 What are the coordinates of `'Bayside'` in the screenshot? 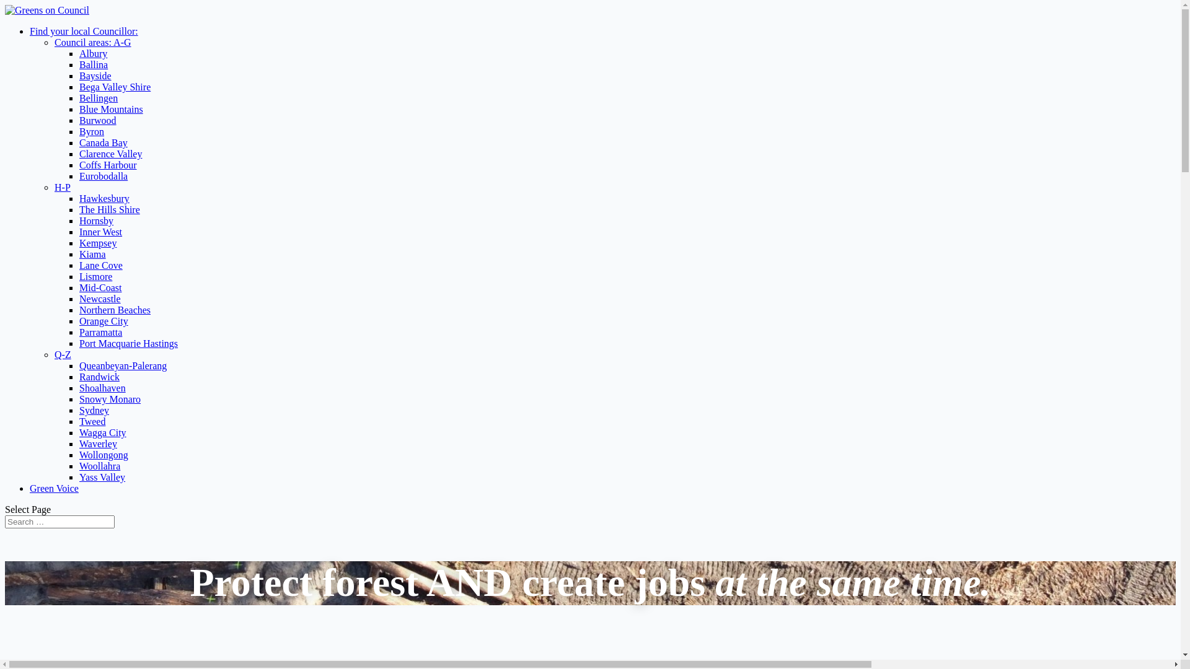 It's located at (94, 76).